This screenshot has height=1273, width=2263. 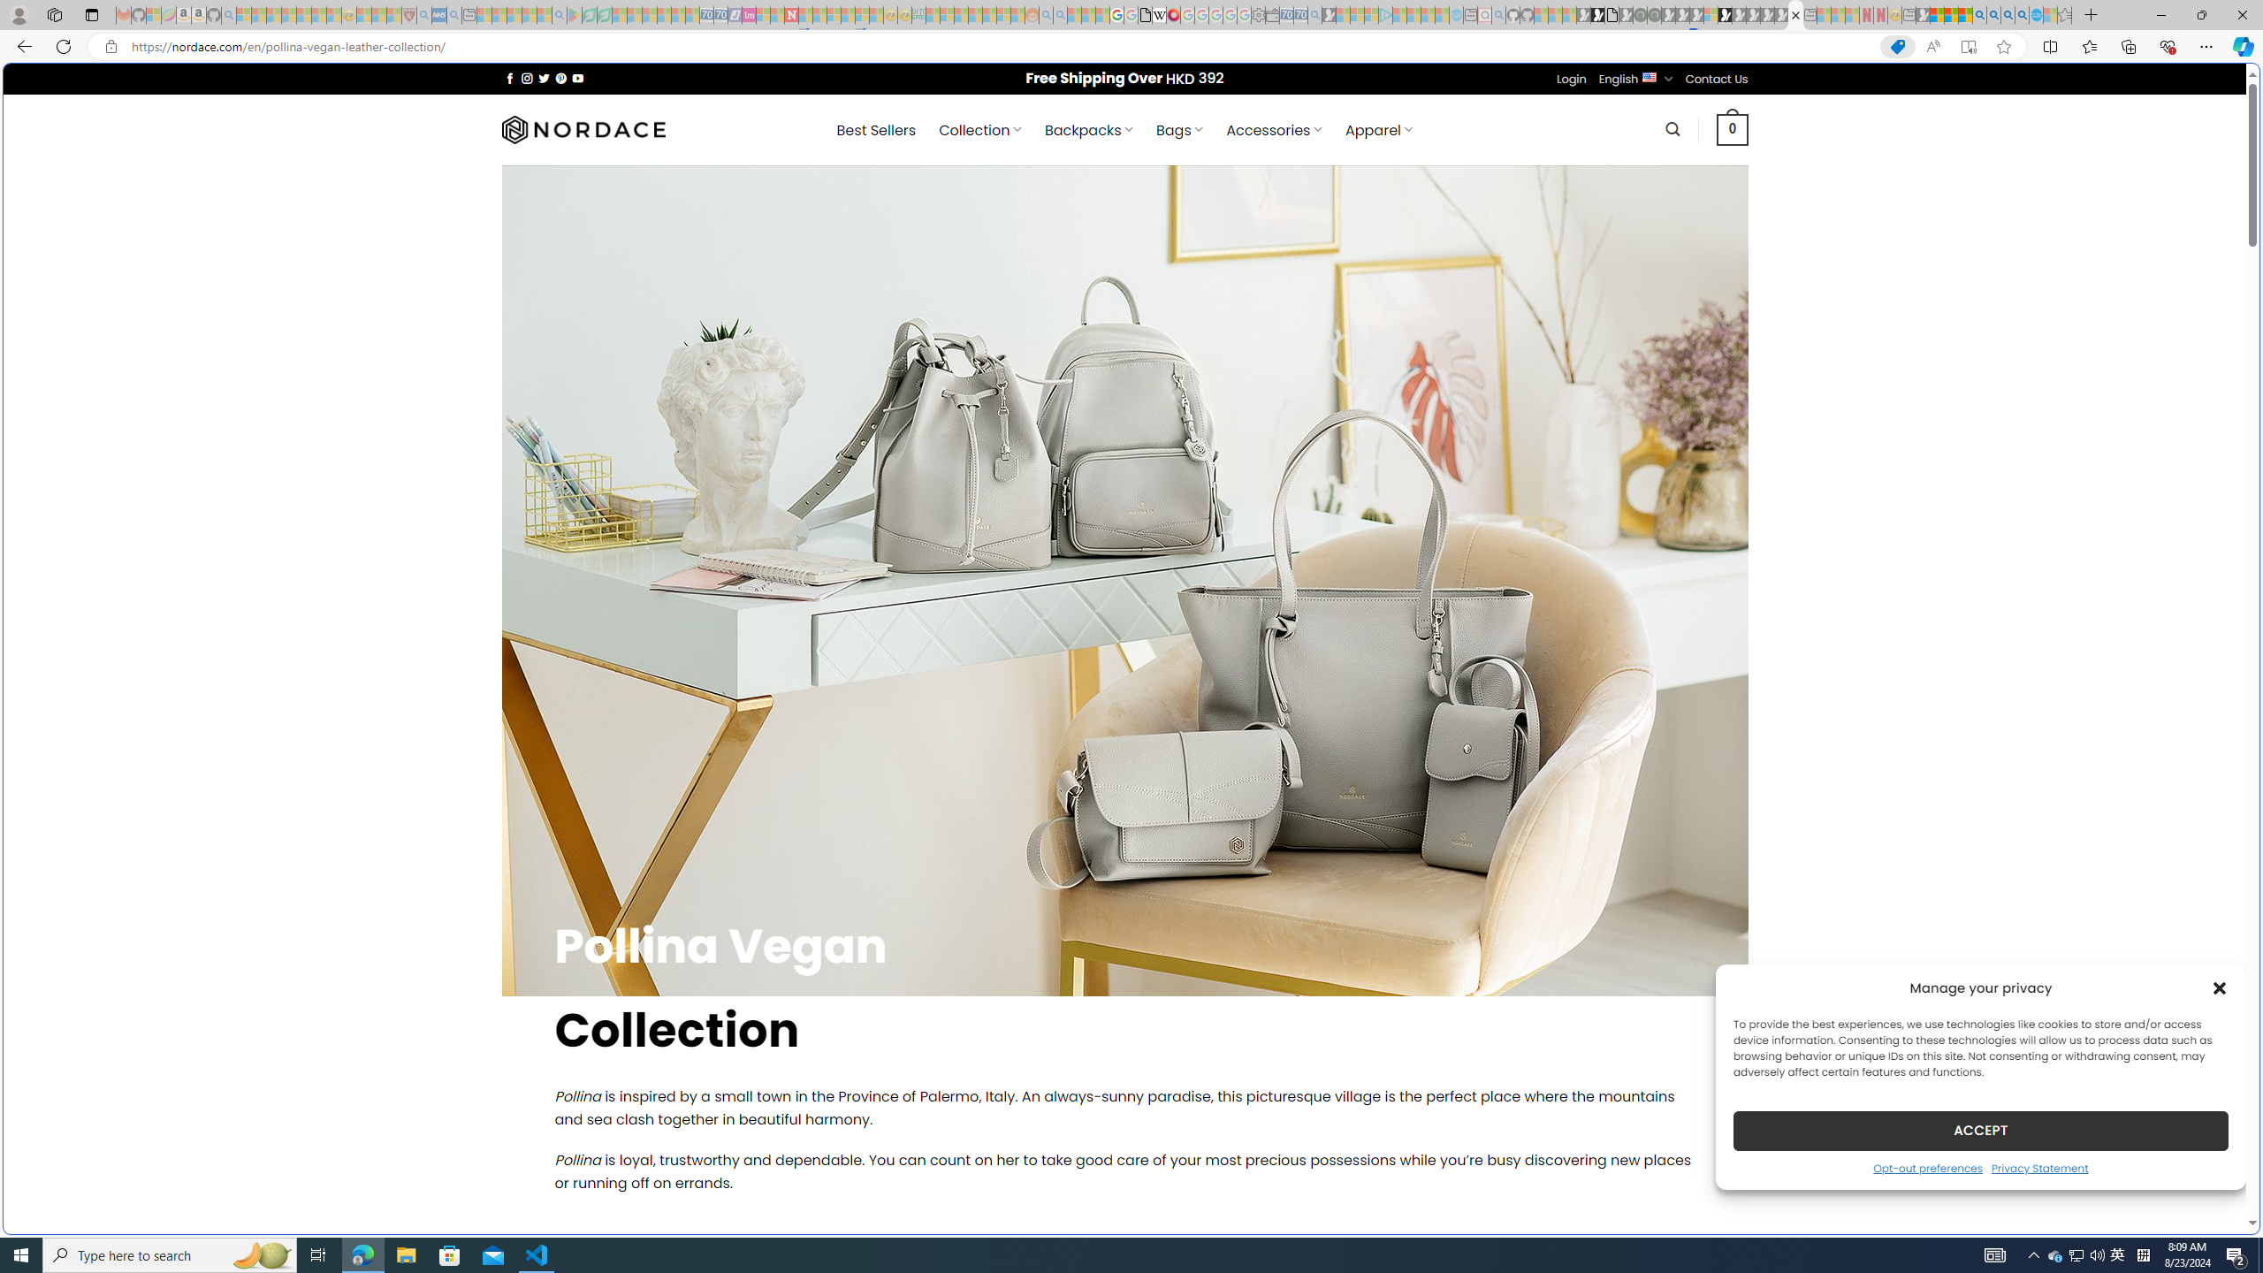 What do you see at coordinates (2039, 1167) in the screenshot?
I see `'Privacy Statement'` at bounding box center [2039, 1167].